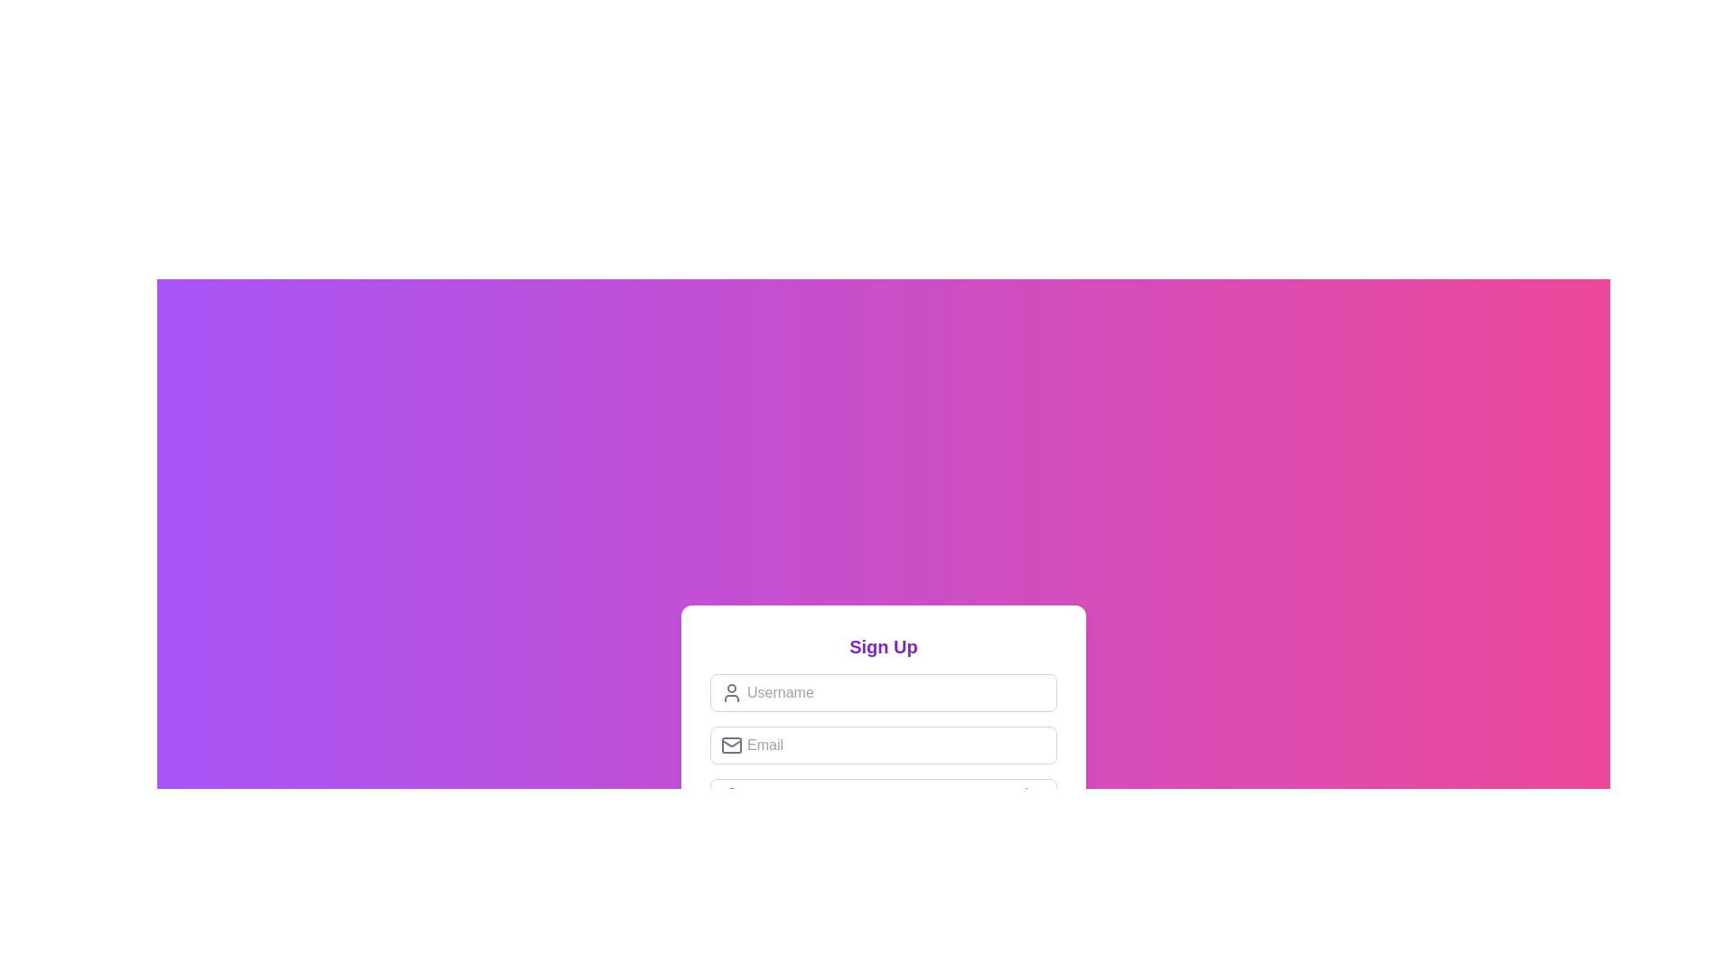 Image resolution: width=1735 pixels, height=976 pixels. Describe the element at coordinates (732, 746) in the screenshot. I see `the envelope-shaped icon with a gray color scheme located to the left of the email input field in the sign-up form` at that location.